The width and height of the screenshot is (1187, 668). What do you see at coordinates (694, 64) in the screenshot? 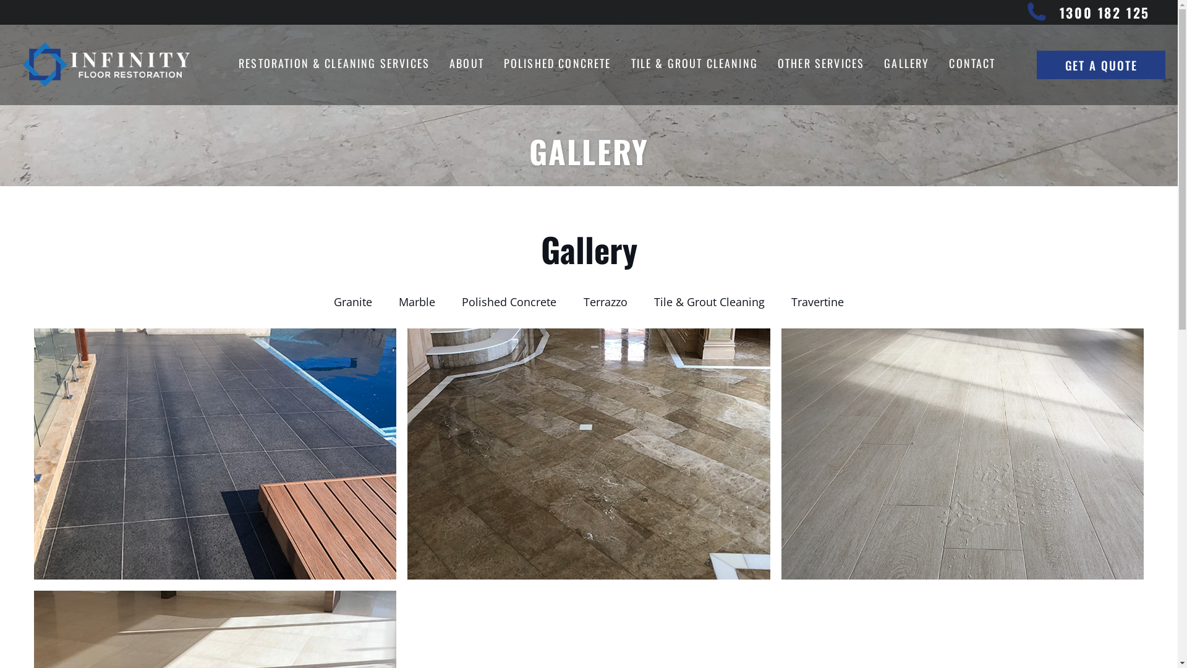
I see `'TILE & GROUT CLEANING'` at bounding box center [694, 64].